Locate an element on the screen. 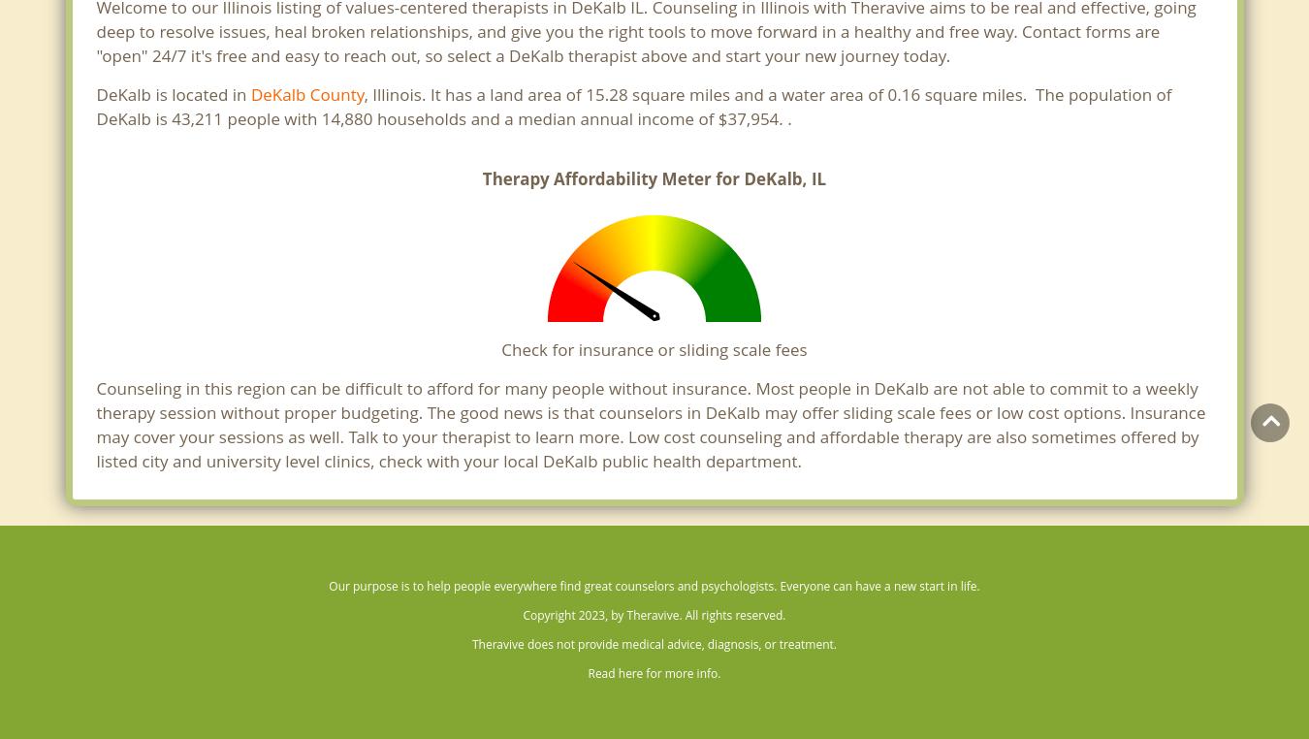 This screenshot has width=1309, height=739. 'Counseling in this region can be difficult to afford for many people without insurance.  Most people in DeKalb are not able to commit to a weekly therapy session without proper budgeting.  The good news is that counselors in DeKalb may offer sliding scale fees or low cost options.  Insurance may cover your sessions as well.  Talk to your therapist to learn more.  Low cost counseling and affordable therapy are also sometimes offered by listed city and university level clinics, check with your local DeKalb public health department.' is located at coordinates (650, 423).